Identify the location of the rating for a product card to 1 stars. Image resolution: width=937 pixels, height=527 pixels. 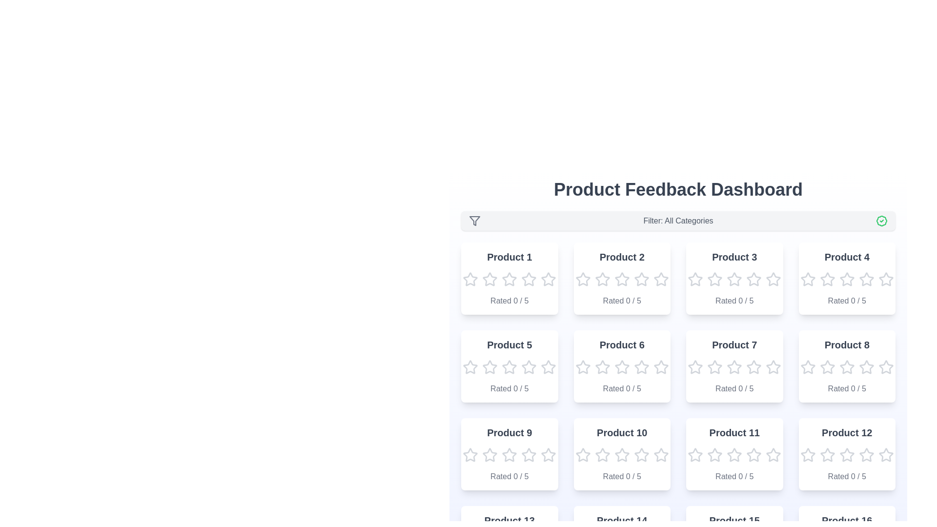
(470, 280).